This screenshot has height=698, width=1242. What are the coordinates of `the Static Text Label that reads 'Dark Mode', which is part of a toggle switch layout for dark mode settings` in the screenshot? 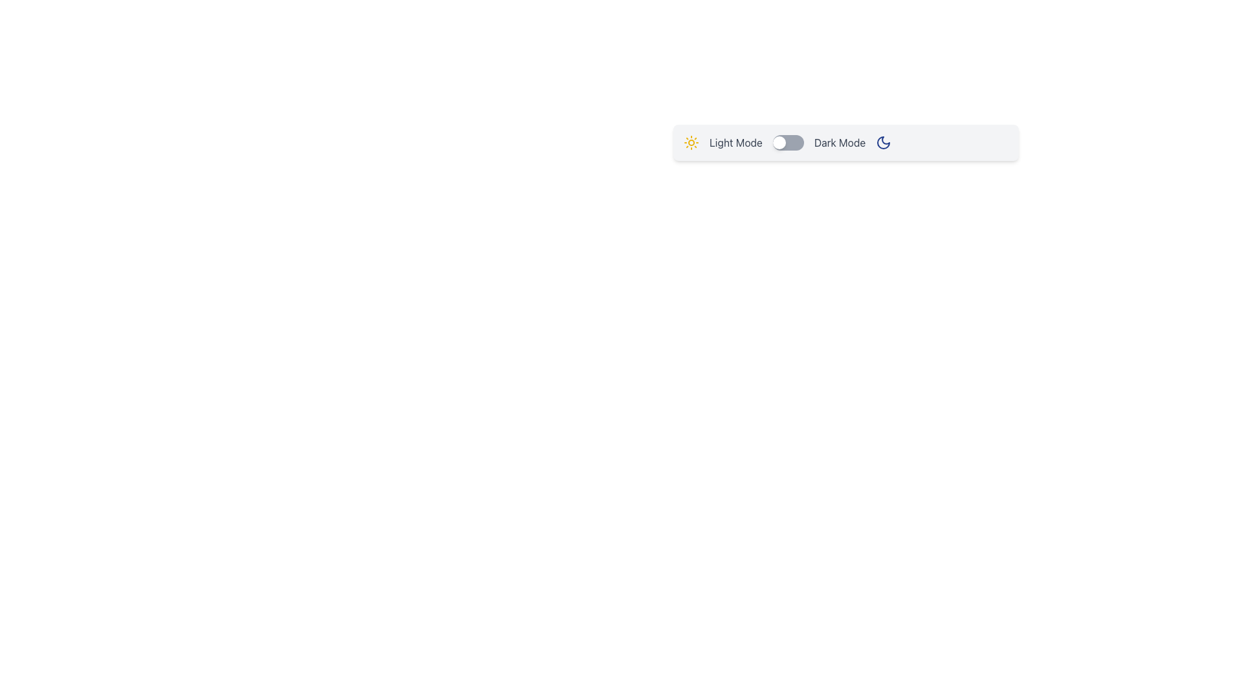 It's located at (840, 142).